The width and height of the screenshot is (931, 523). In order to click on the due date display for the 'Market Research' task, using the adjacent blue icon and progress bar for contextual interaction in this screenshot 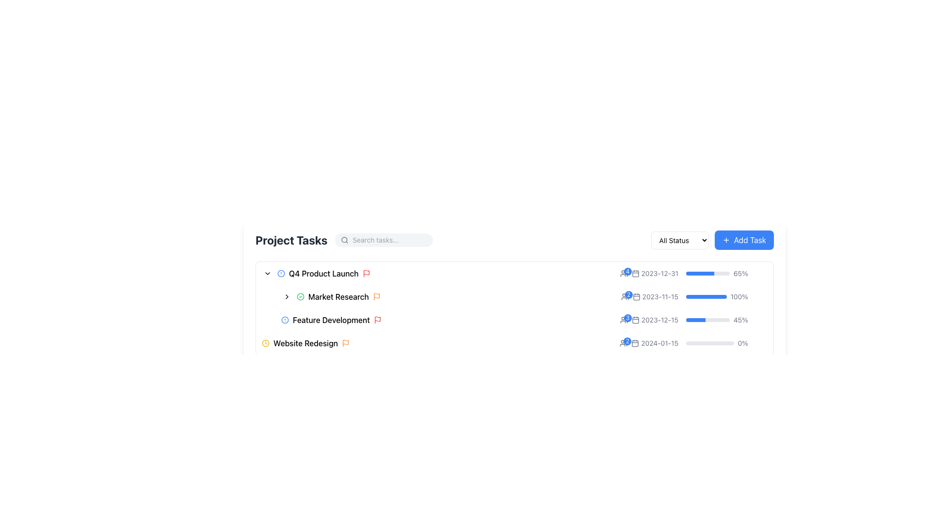, I will do `click(649, 296)`.